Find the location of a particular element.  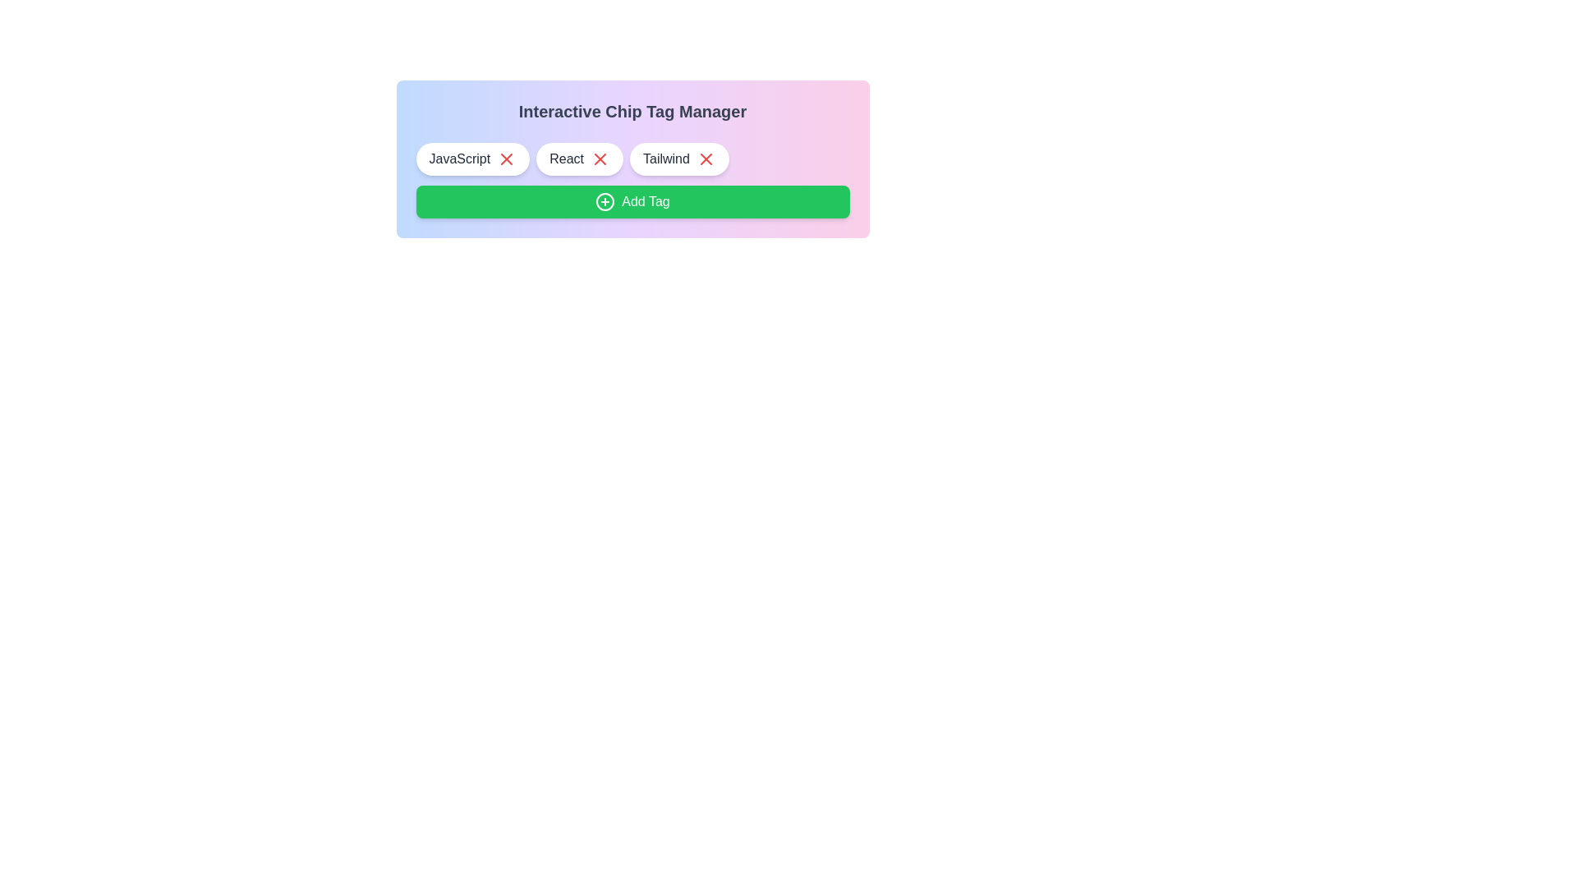

the 'Add Tag' button to add a new tag is located at coordinates (632, 201).